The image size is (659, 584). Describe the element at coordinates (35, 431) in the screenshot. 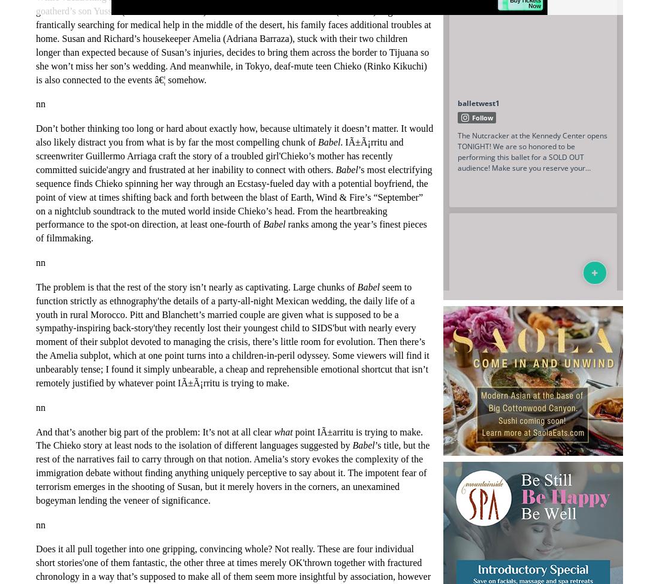

I see `'And that’s another big part of the problem: It’s not at all clear'` at that location.